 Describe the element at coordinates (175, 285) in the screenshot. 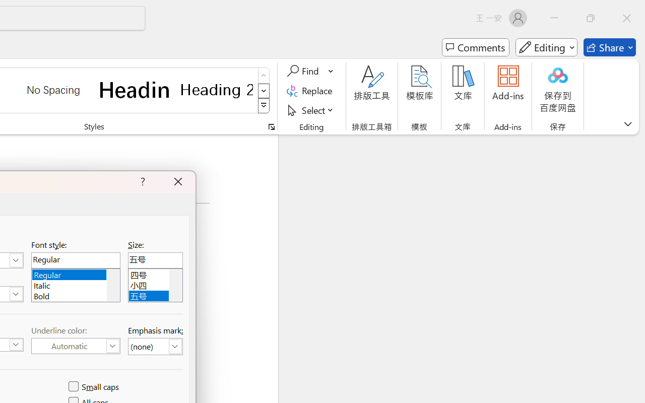

I see `'AutomationID: 1797'` at that location.